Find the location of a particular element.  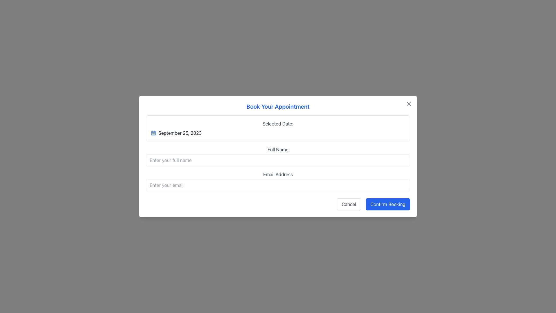

the cancellation button located in the bottom-right section of the modal dialog is located at coordinates (348, 204).